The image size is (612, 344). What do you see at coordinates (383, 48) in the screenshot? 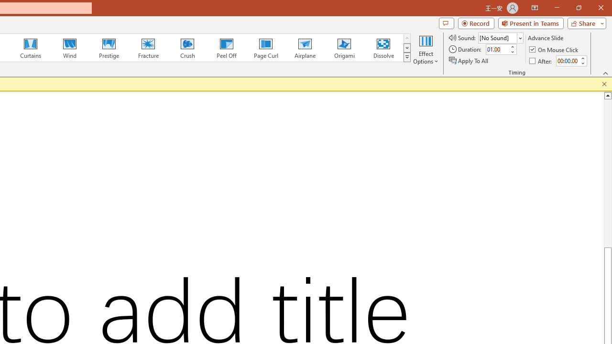
I see `'Dissolve'` at bounding box center [383, 48].